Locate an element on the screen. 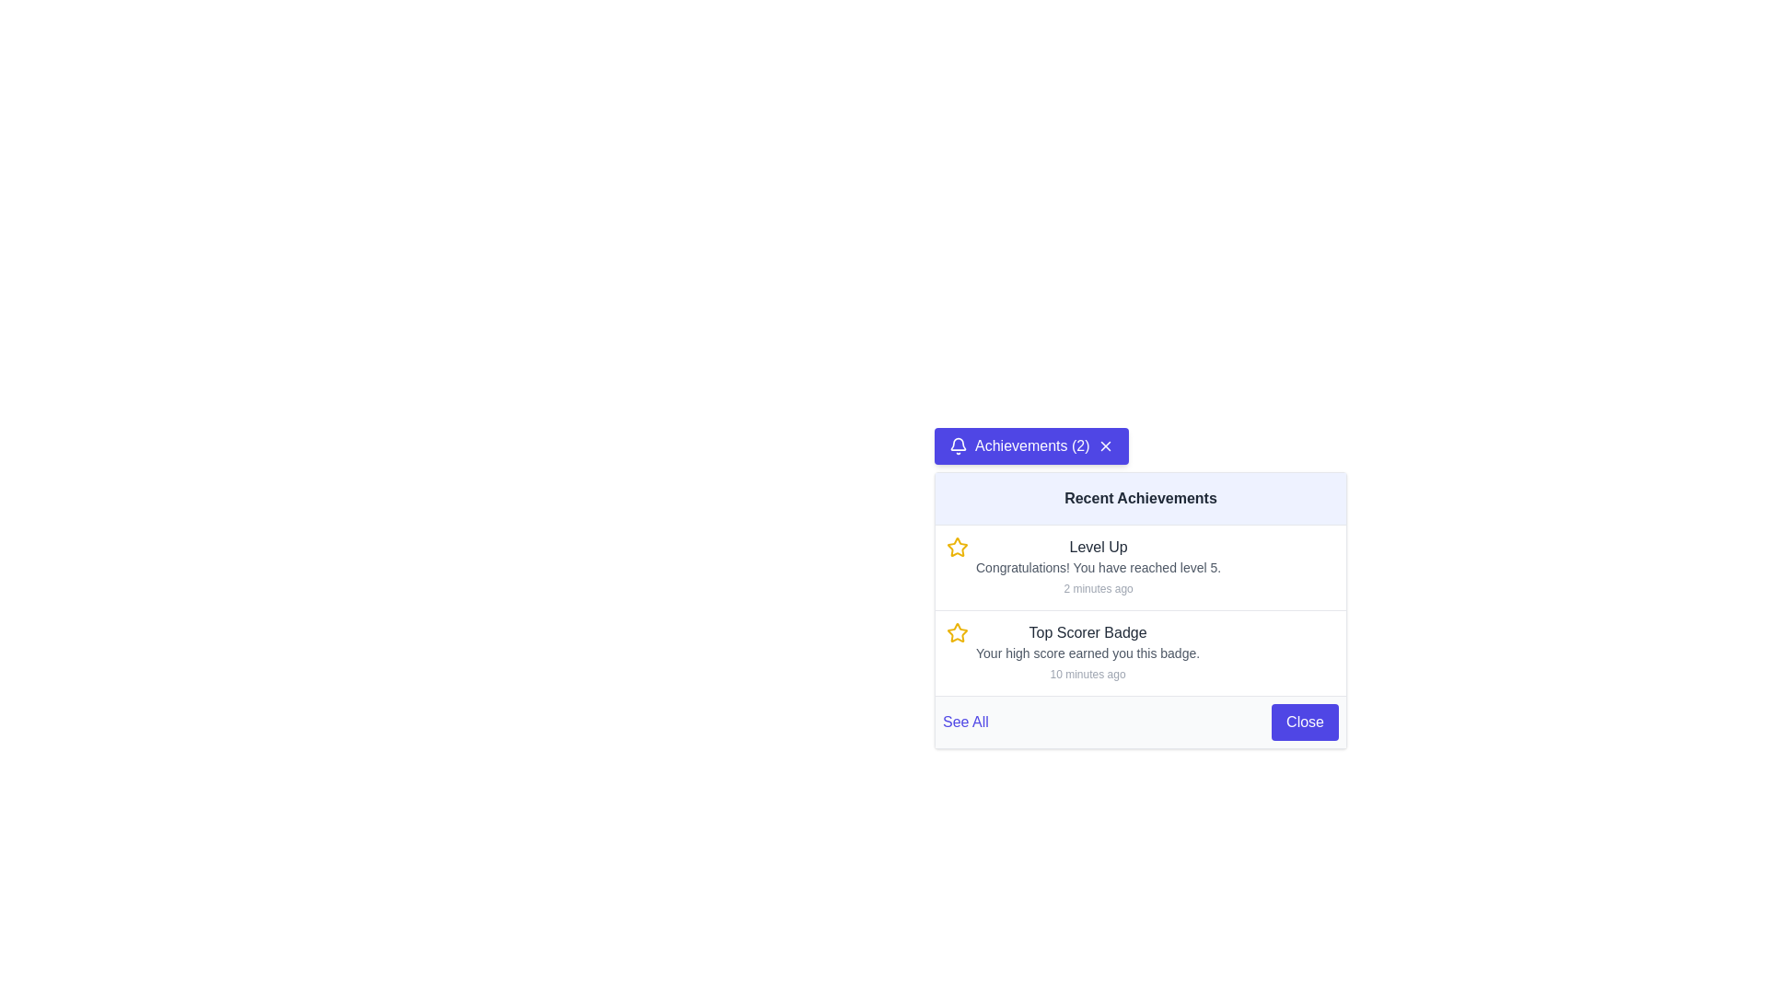 The width and height of the screenshot is (1768, 994). the description text of the 'Top Scorer Badge' in the achievements list, which is positioned between the title and the timestamp in the 'Recent Achievements' modal dialog is located at coordinates (1088, 652).